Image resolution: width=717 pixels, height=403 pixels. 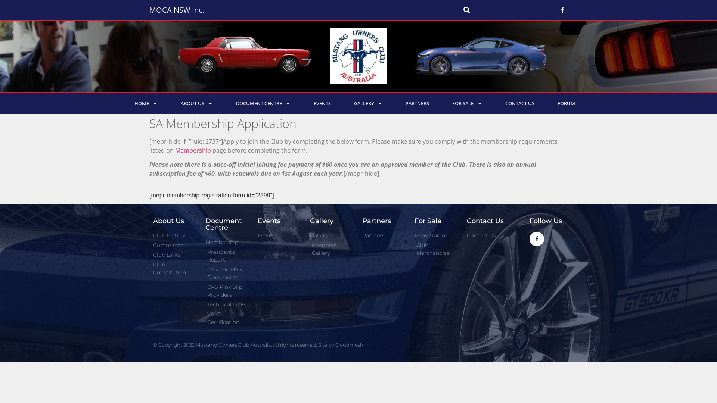 What do you see at coordinates (441, 103) in the screenshot?
I see `'FOR SALE'` at bounding box center [441, 103].